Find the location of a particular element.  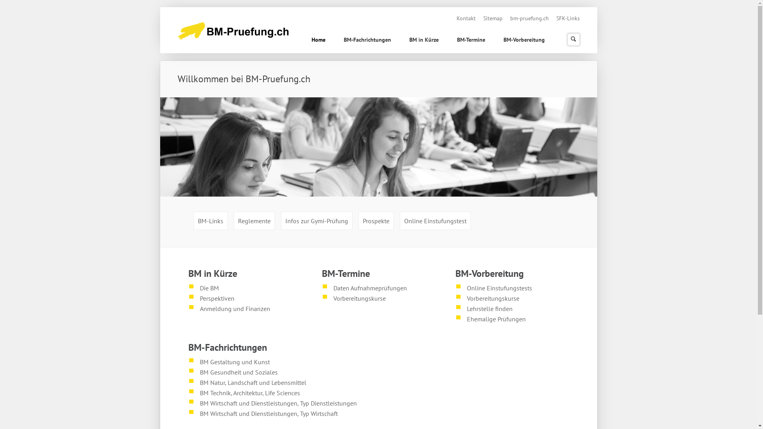

'bm-pruefung.ch' is located at coordinates (529, 18).